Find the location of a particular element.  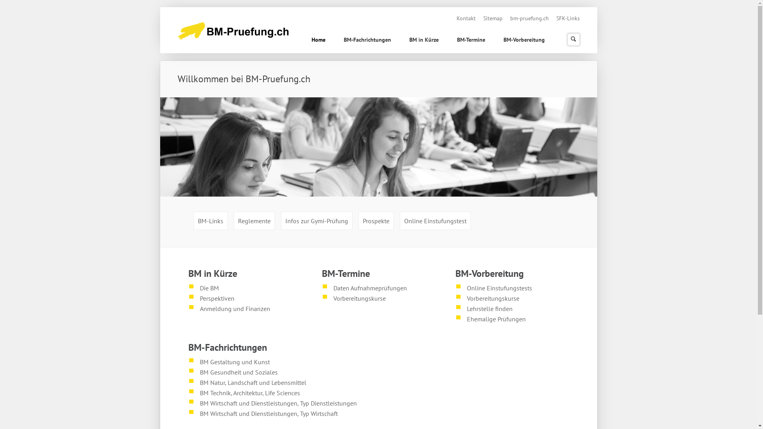

'bm-pruefung.ch' is located at coordinates (529, 18).